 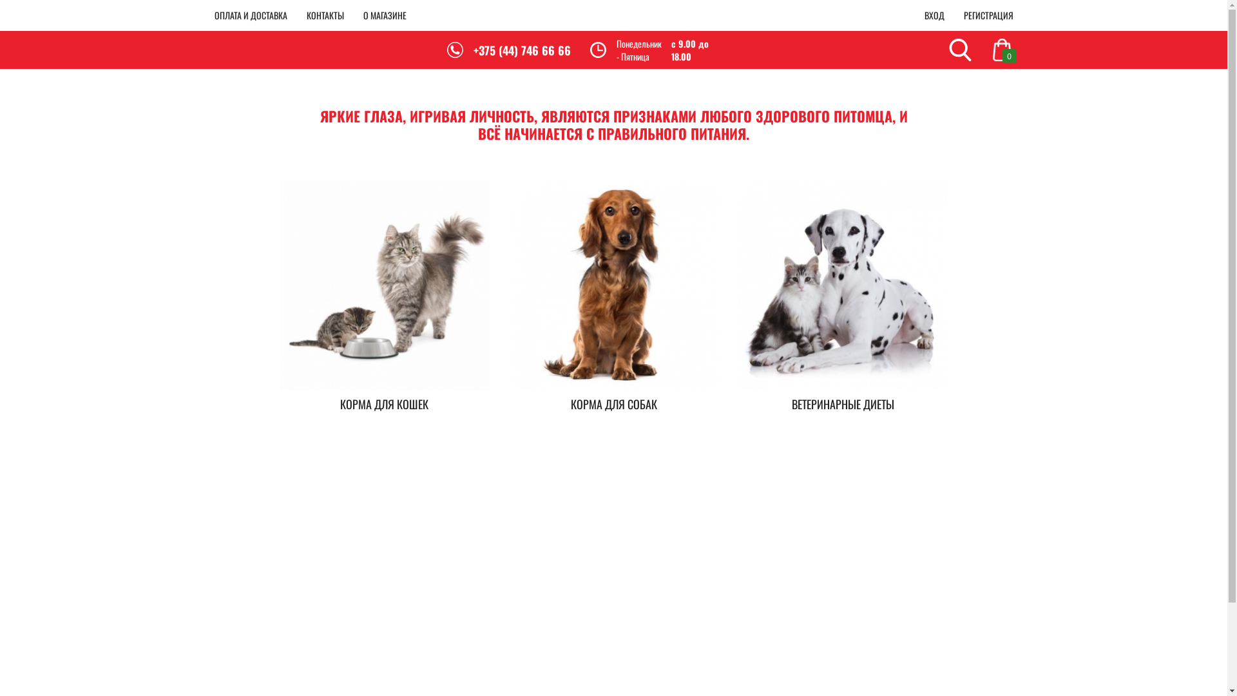 What do you see at coordinates (472, 49) in the screenshot?
I see `'+375 (44) 746 66 66'` at bounding box center [472, 49].